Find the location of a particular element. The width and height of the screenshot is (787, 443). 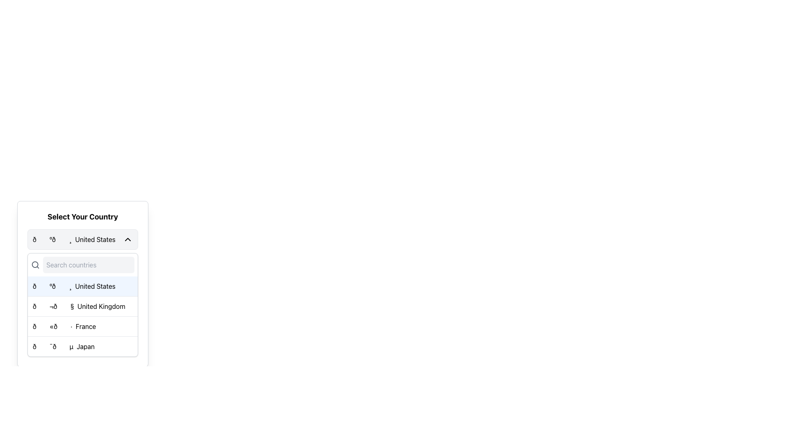

the flag icon representing the United States in the dropdown menu titled 'Select Your Country' is located at coordinates (52, 239).